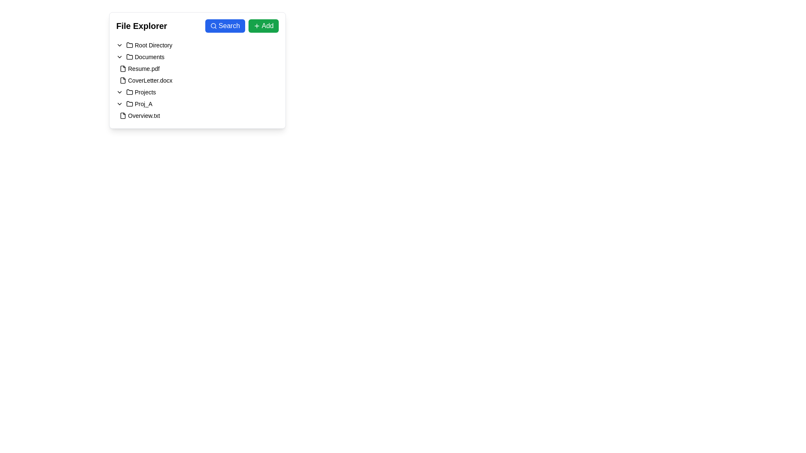 The height and width of the screenshot is (453, 806). I want to click on the file icon with a document symbol and a folded top-right corner next to the text 'CoverLetter.docx' in the 'File Explorer' interface, so click(122, 81).